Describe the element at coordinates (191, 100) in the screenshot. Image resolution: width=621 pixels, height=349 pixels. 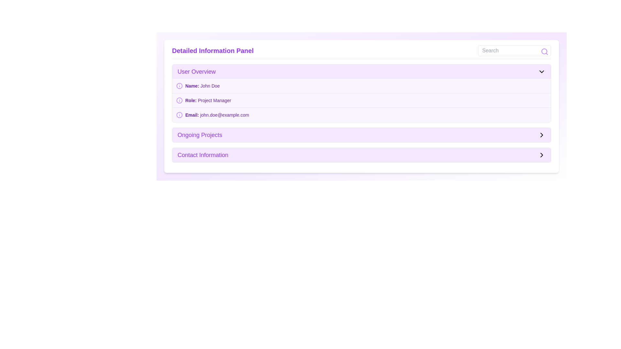
I see `the text label displaying 'Role:' in bold purple font located in the 'User Overview' section of the interface, positioned between an icon and the text 'Project Manager'` at that location.